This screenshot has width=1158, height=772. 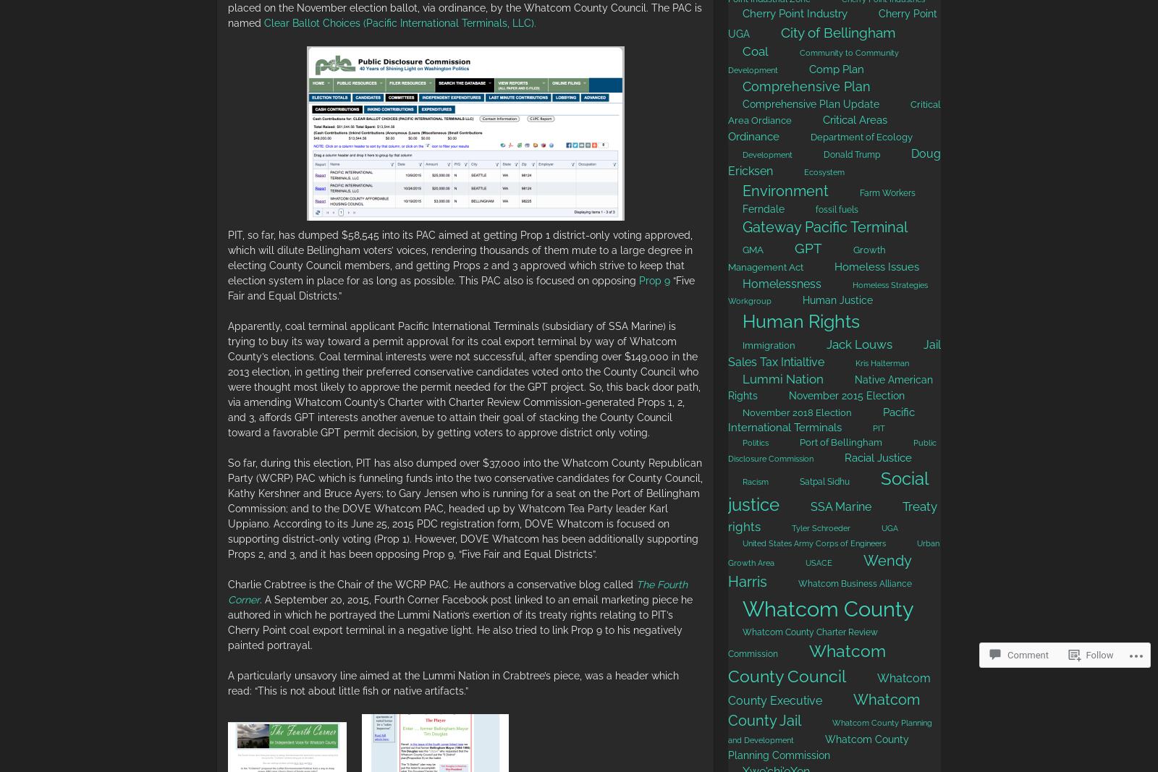 I want to click on 'Homeless Strategies Workgroup', so click(x=828, y=292).